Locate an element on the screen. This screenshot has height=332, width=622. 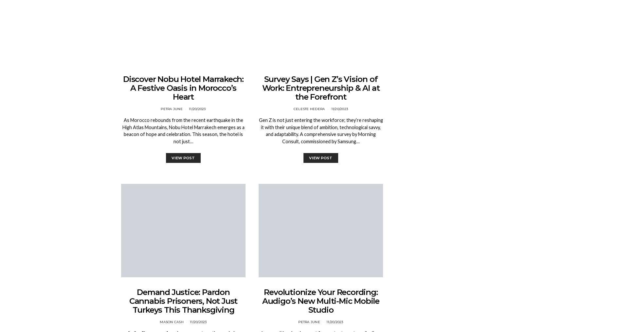
'1 min' is located at coordinates (185, 278).